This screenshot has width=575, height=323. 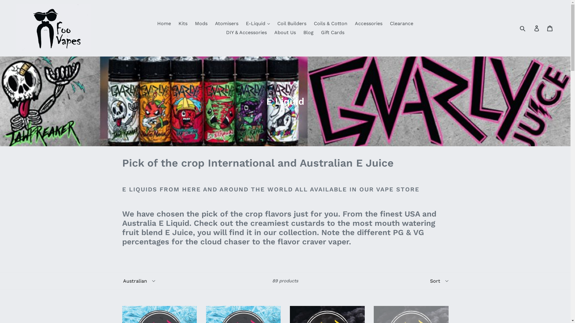 I want to click on 'Coils & Cotton', so click(x=330, y=23).